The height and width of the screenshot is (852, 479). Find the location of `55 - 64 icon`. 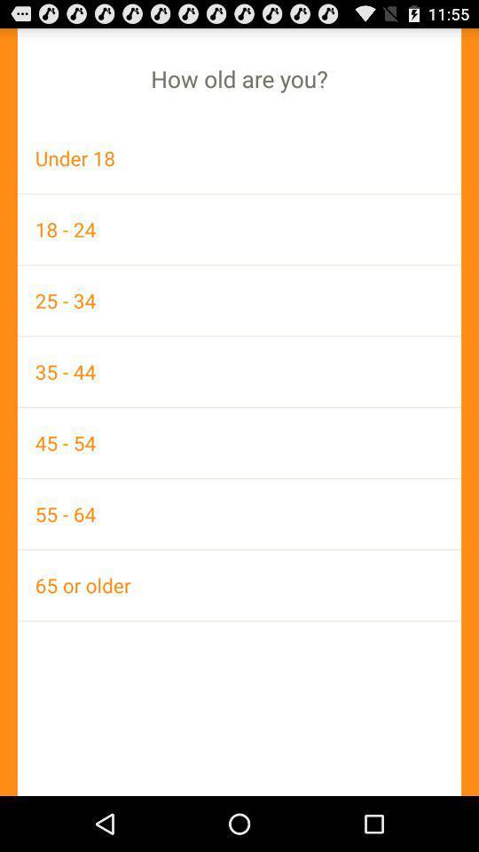

55 - 64 icon is located at coordinates (239, 514).